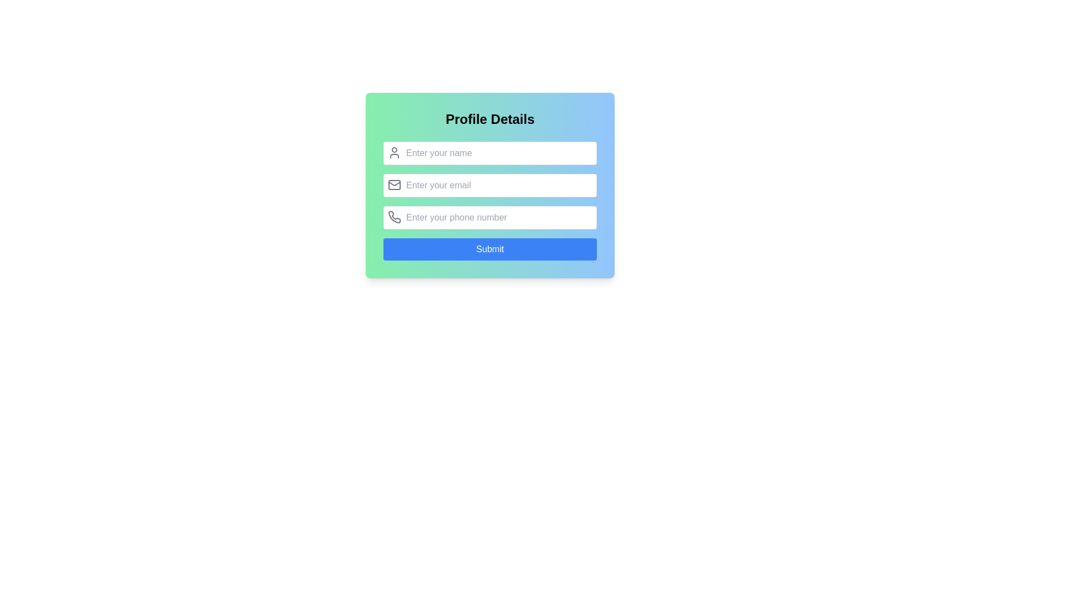 The height and width of the screenshot is (600, 1067). Describe the element at coordinates (490, 201) in the screenshot. I see `the second input field for email entry within the 'Profile Details' section to focus the field` at that location.